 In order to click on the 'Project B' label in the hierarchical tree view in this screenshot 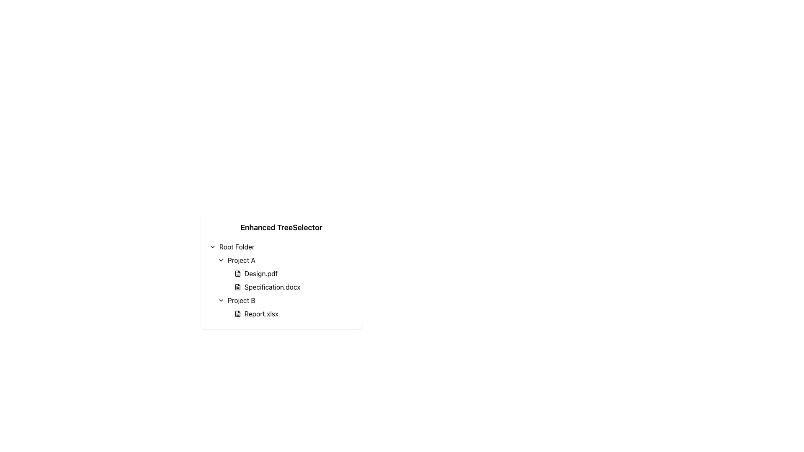, I will do `click(241, 300)`.